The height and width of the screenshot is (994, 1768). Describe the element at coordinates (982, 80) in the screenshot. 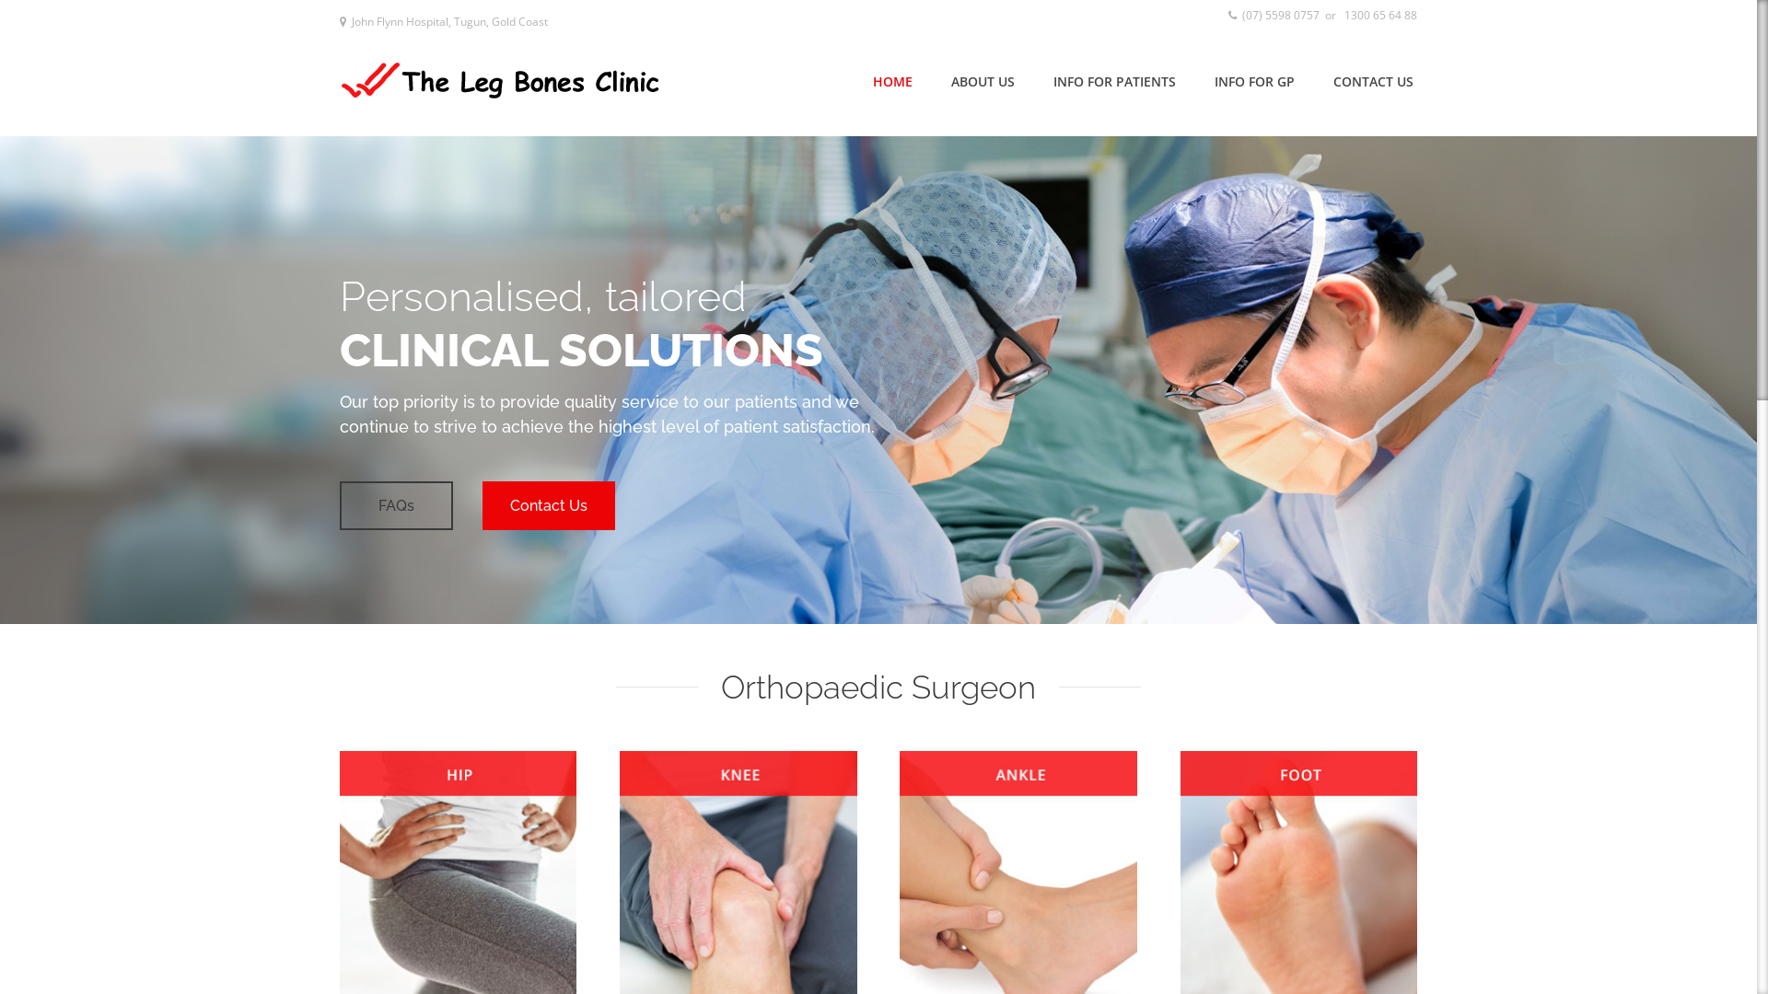

I see `'ABOUT US'` at that location.